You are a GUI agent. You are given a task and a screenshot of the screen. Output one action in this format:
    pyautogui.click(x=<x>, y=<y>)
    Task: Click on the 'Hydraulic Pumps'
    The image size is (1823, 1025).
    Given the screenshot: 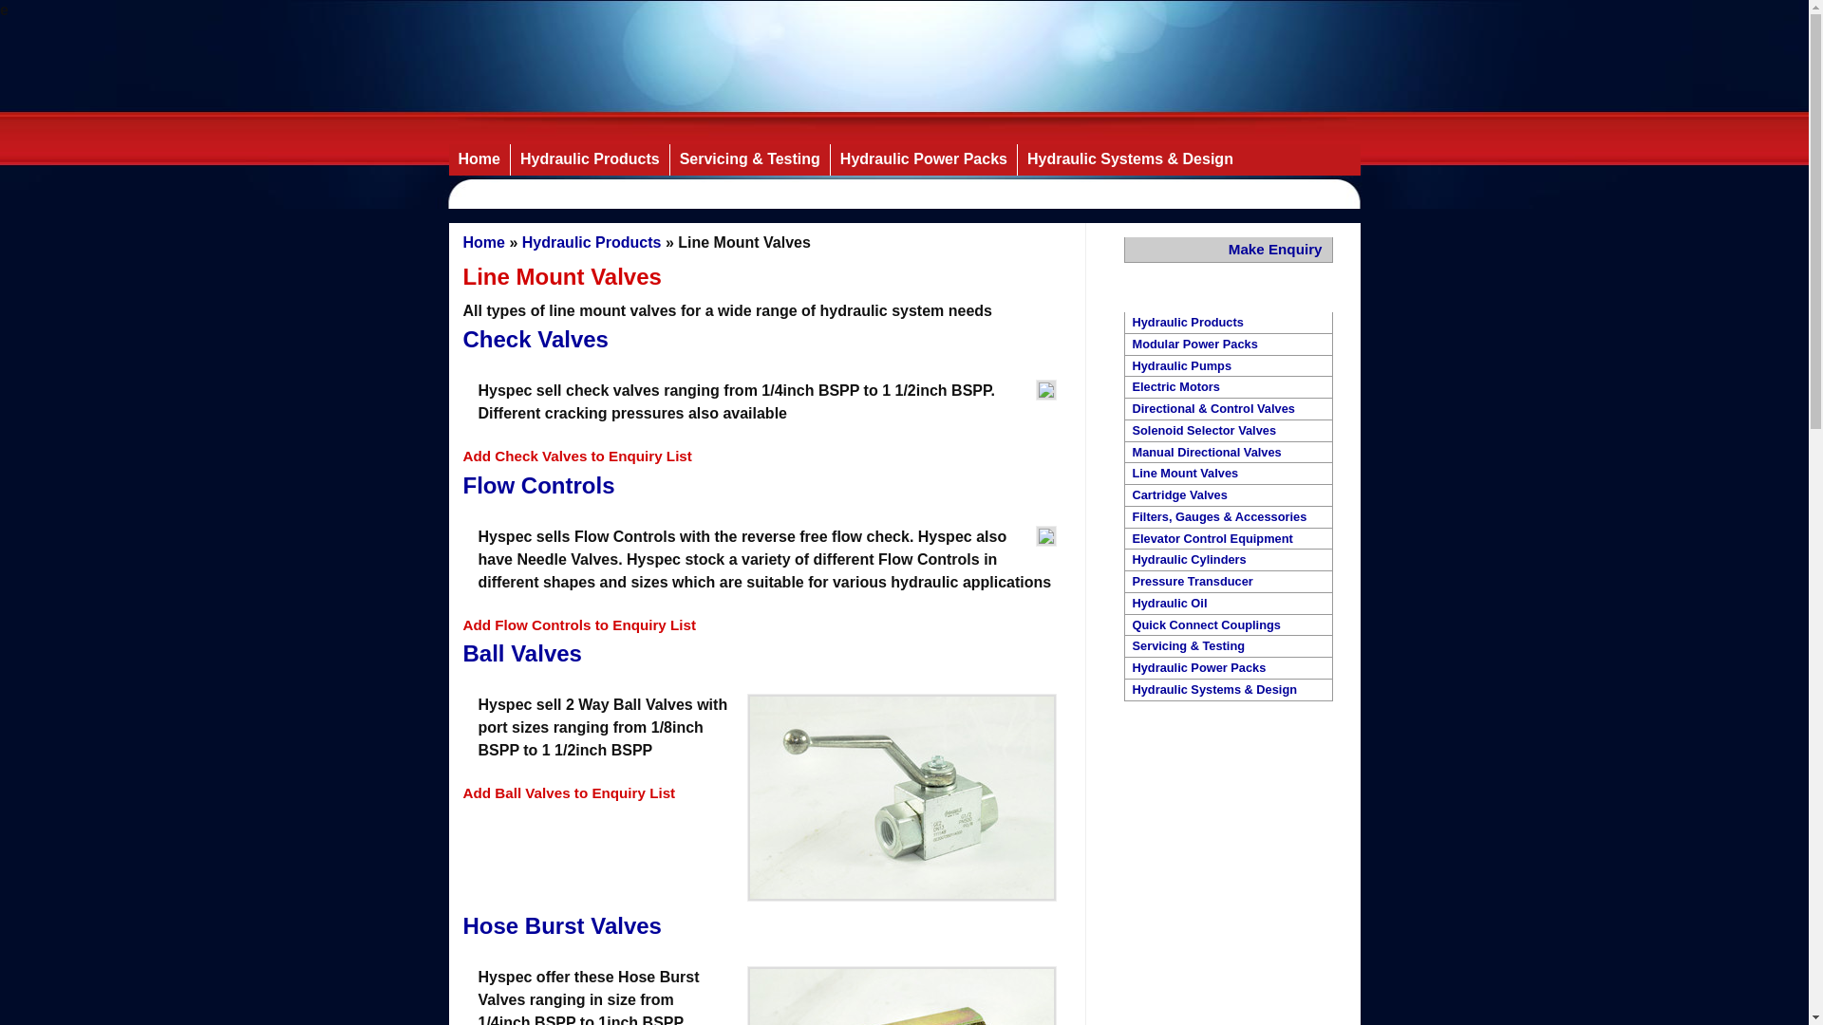 What is the action you would take?
    pyautogui.click(x=1227, y=366)
    